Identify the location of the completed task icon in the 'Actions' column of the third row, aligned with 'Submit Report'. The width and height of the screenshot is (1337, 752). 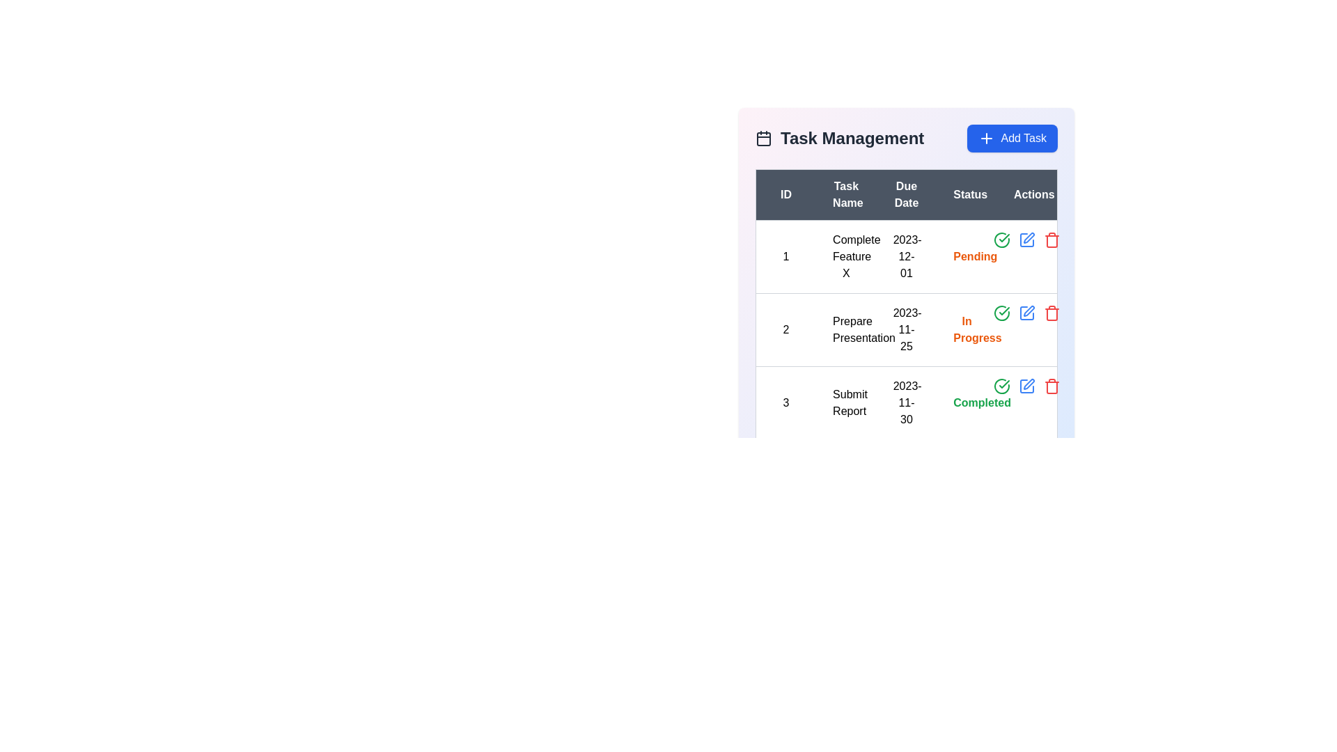
(1004, 384).